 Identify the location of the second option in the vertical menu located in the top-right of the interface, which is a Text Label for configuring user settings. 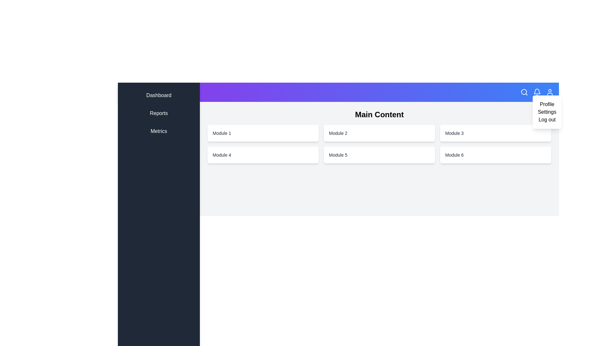
(547, 112).